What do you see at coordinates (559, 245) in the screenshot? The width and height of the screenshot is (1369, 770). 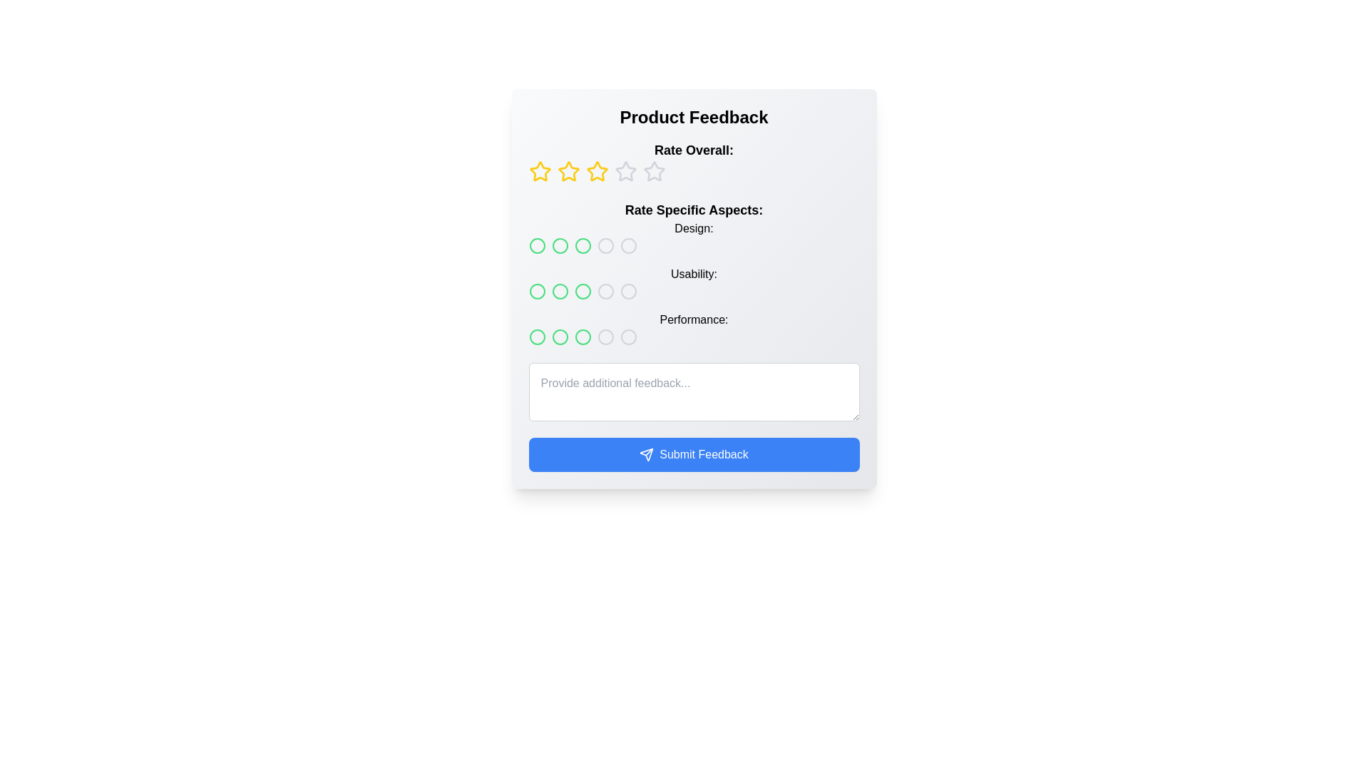 I see `the second interactive rating circle with green borders in the 'Rate Specific Aspects: Design' section` at bounding box center [559, 245].